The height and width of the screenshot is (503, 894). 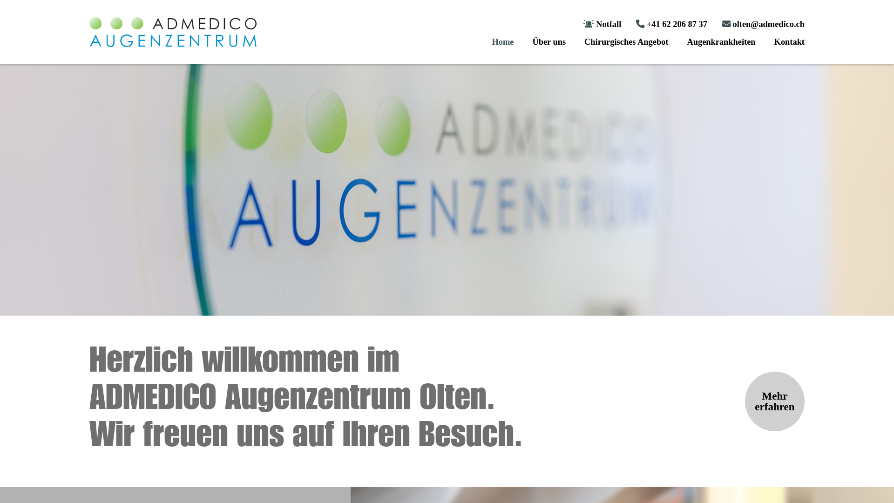 I want to click on 'Kontakt', so click(x=789, y=41).